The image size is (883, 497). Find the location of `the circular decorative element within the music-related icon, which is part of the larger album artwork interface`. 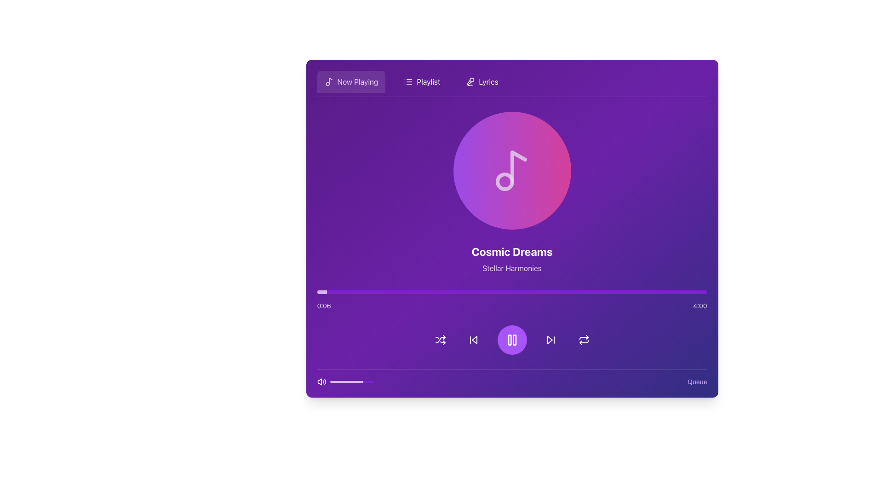

the circular decorative element within the music-related icon, which is part of the larger album artwork interface is located at coordinates (504, 181).